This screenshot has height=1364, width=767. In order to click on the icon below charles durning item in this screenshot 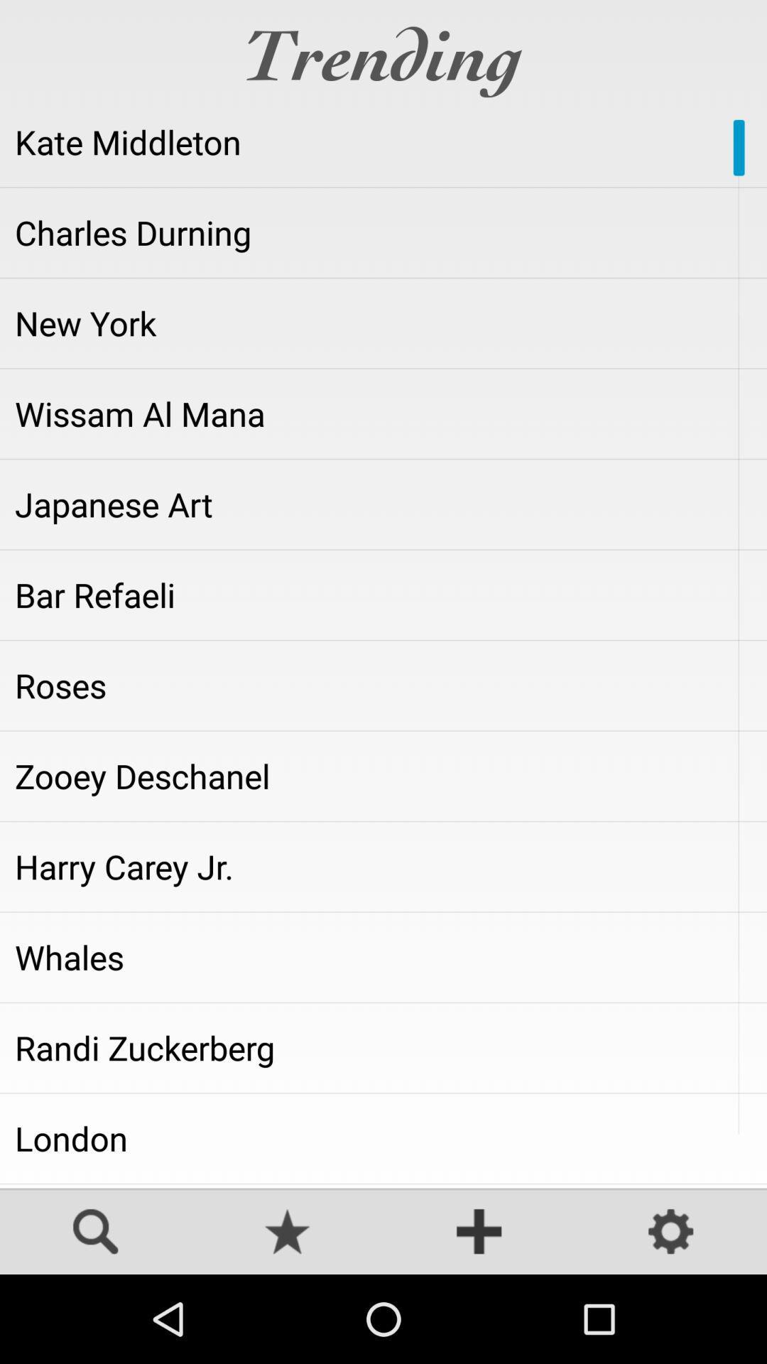, I will do `click(383, 323)`.